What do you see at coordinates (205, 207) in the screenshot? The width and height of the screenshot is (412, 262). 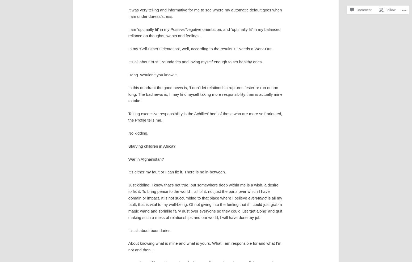 I see `'is all my fault, that is vital to my well-being. Of not giving into the feeling that if I could just grab a magic wand and sprinkle fairy dust over everyone so they could just ‘get along’ and quit making such a mess of relationships and our world, I will have done my job.'` at bounding box center [205, 207].